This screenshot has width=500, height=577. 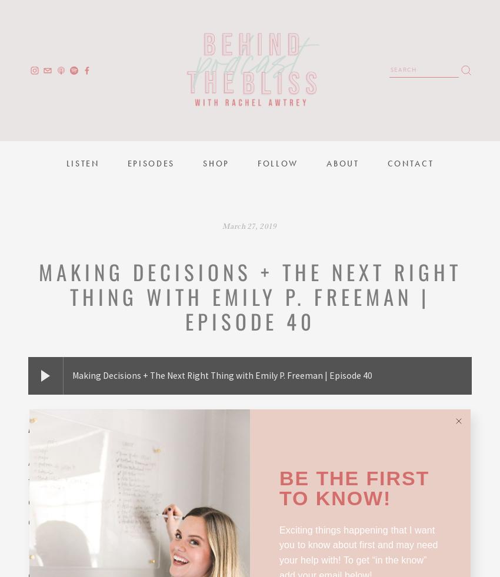 I want to click on 'About', so click(x=342, y=163).